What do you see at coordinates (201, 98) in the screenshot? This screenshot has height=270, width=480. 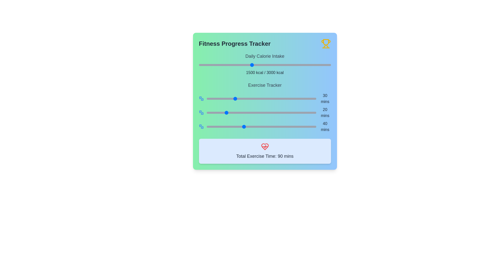 I see `the dumbbell icon in the Exercise Tracker section, which represents the first progress bar indicating 30 minutes` at bounding box center [201, 98].